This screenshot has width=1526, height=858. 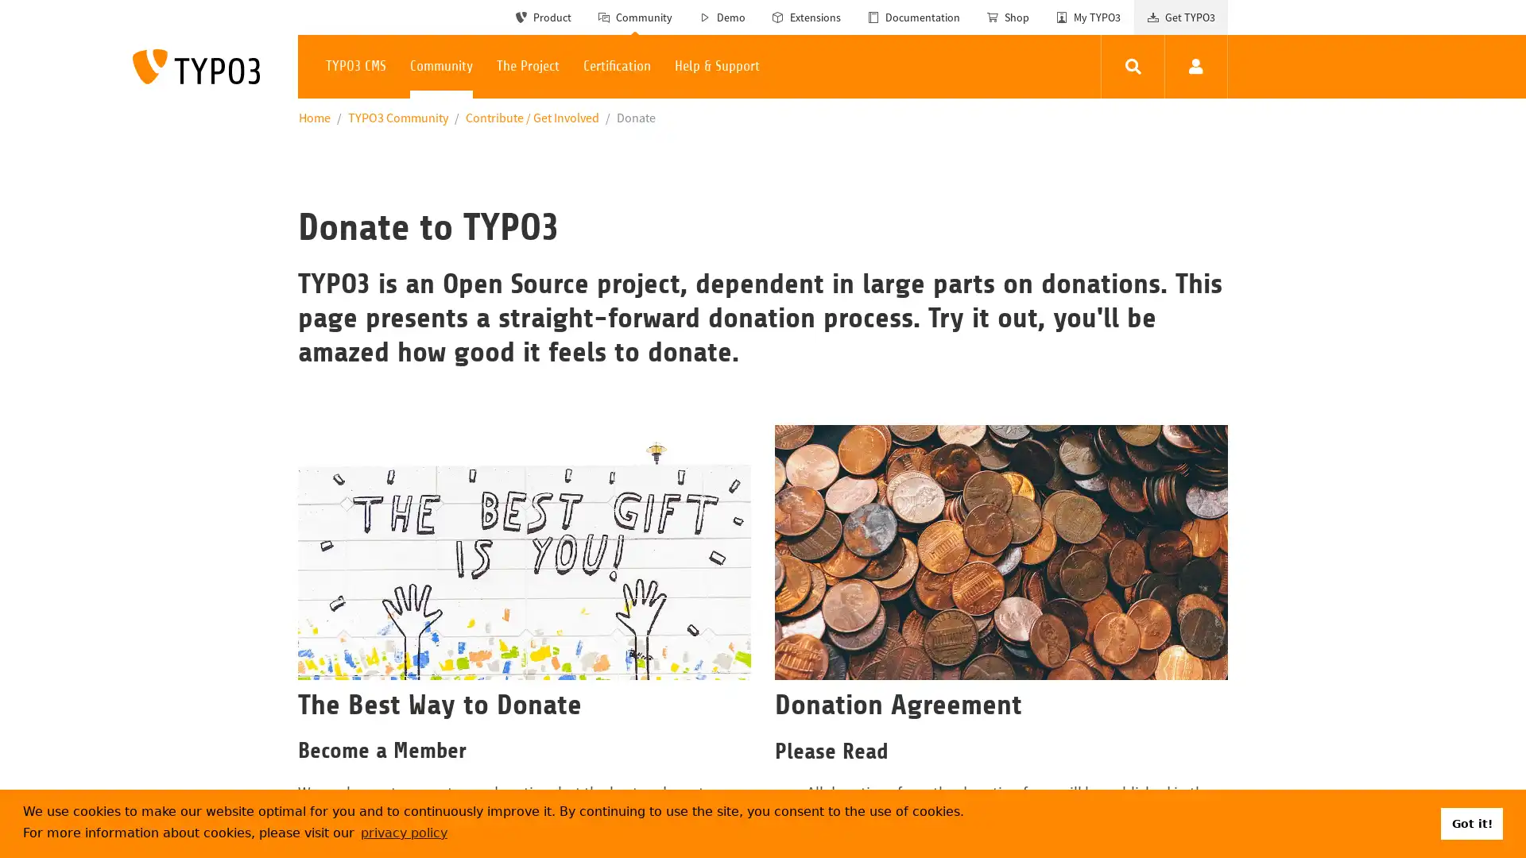 I want to click on dismiss cookie message, so click(x=1471, y=822).